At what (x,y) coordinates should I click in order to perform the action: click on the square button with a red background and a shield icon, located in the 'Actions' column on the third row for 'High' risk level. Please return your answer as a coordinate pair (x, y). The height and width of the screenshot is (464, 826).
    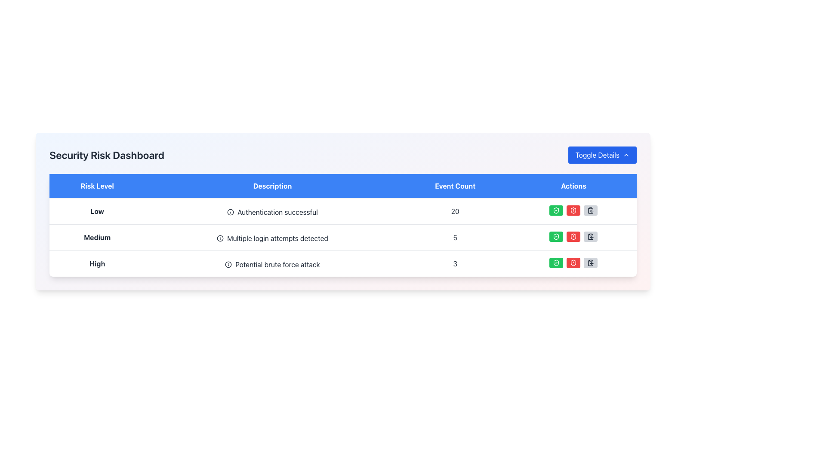
    Looking at the image, I should click on (573, 263).